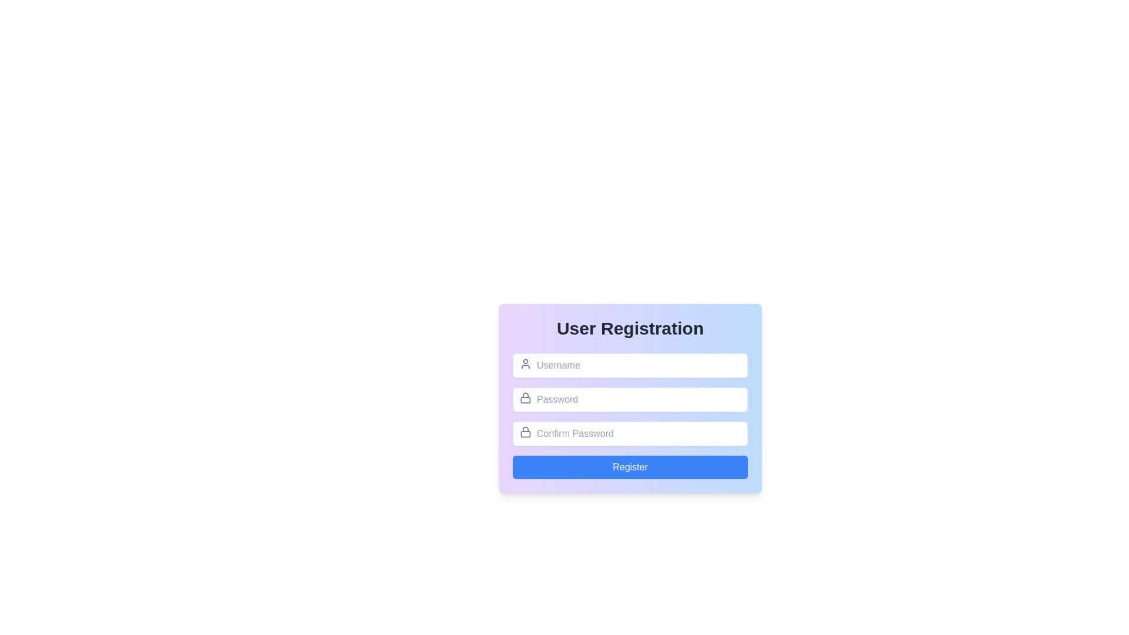 This screenshot has width=1129, height=635. What do you see at coordinates (525, 432) in the screenshot?
I see `password confirmation icon located at the top-left corner of the 'Confirm Password' input field for visual cues regarding security functionality` at bounding box center [525, 432].